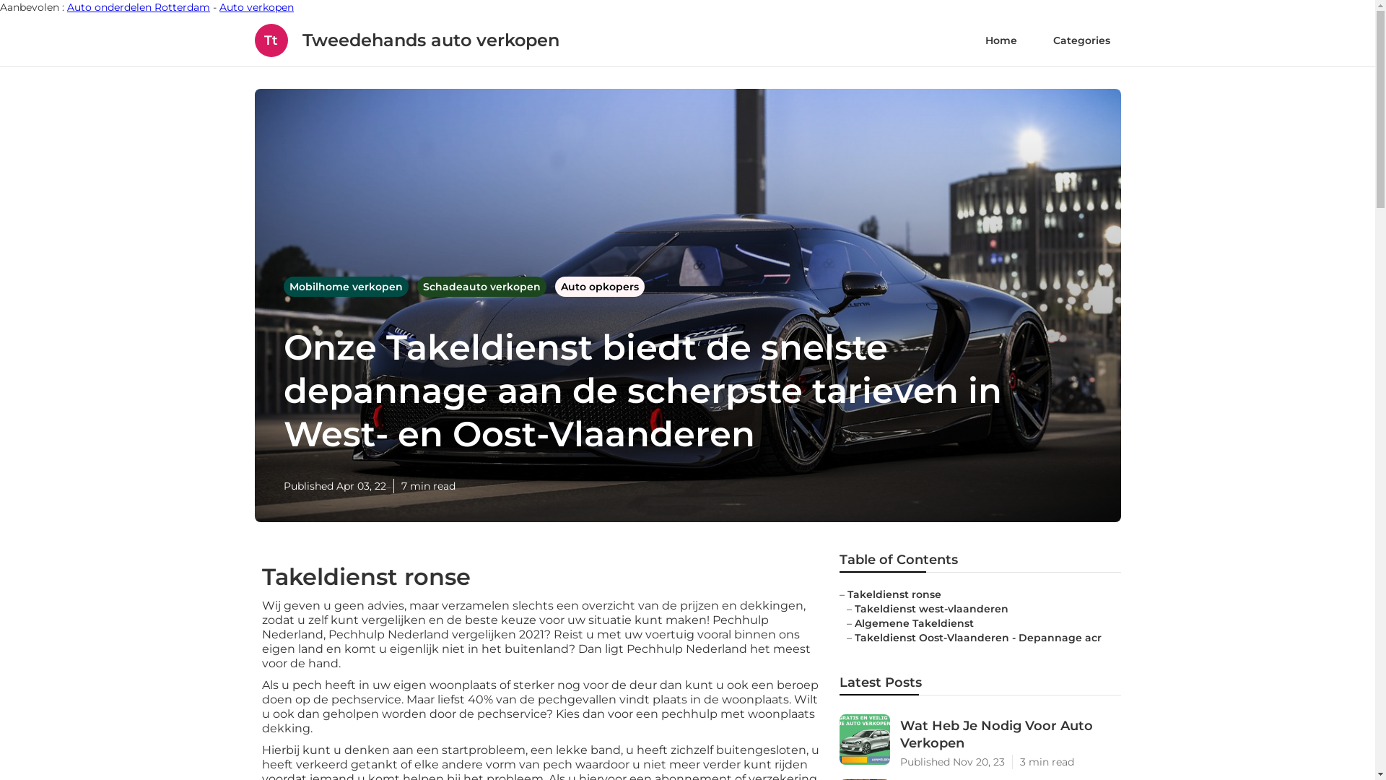 The width and height of the screenshot is (1386, 780). I want to click on 'Takeldienst ronse', so click(893, 594).